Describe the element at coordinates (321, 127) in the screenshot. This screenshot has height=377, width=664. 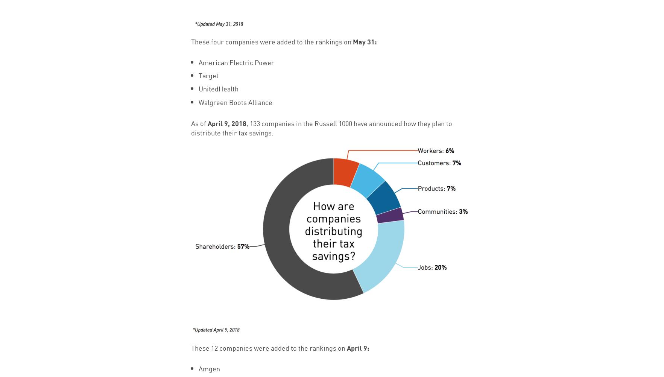
I see `', 133 companies in the Russell 1000 have announced how they plan to distribute their tax savings.'` at that location.